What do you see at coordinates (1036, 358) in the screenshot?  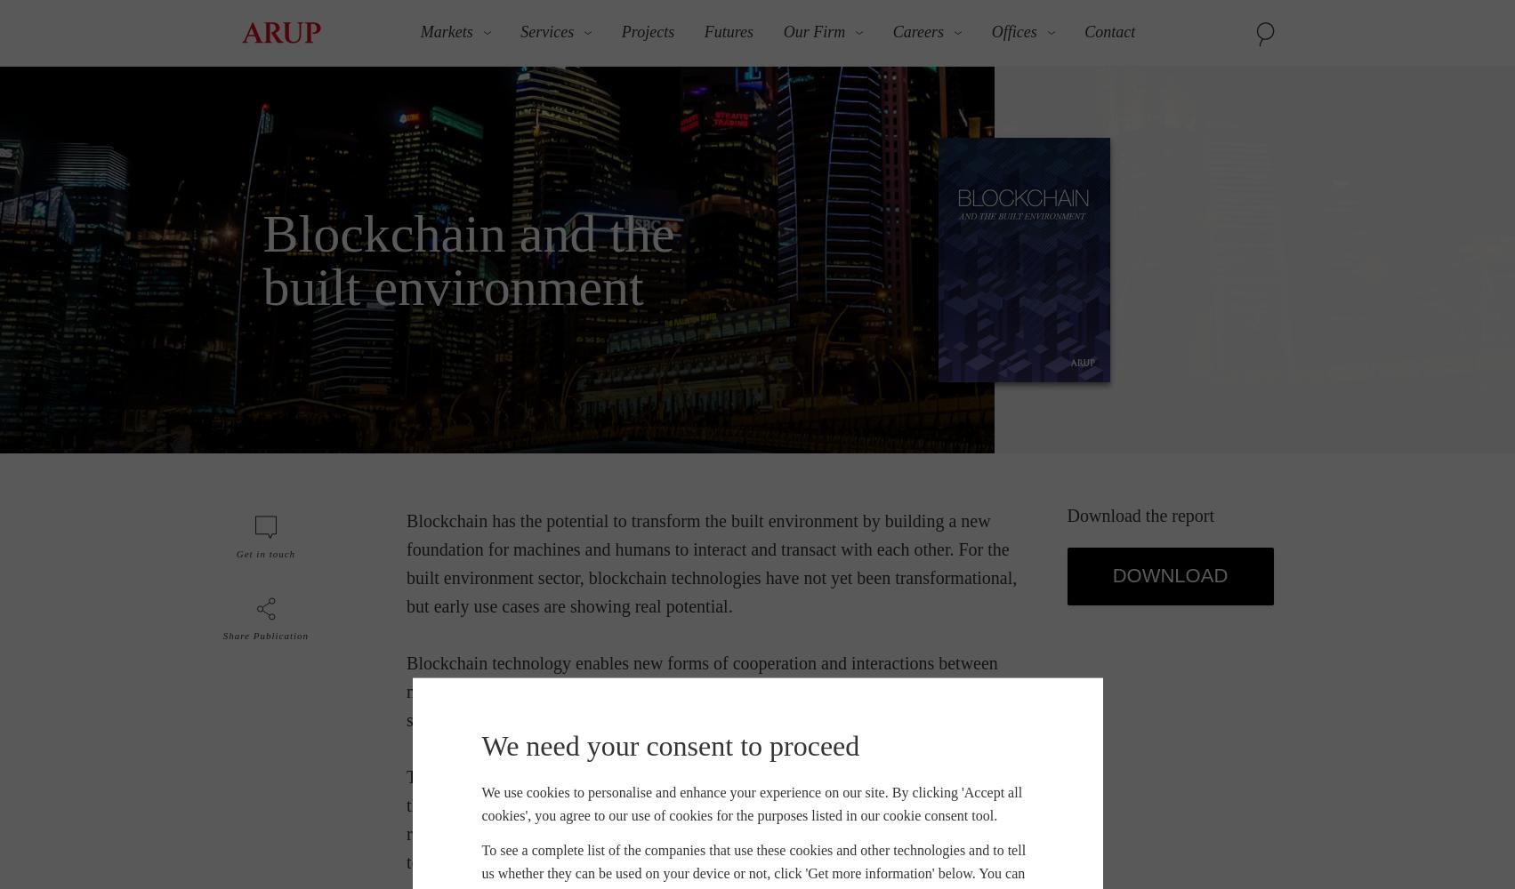 I see `'Water'` at bounding box center [1036, 358].